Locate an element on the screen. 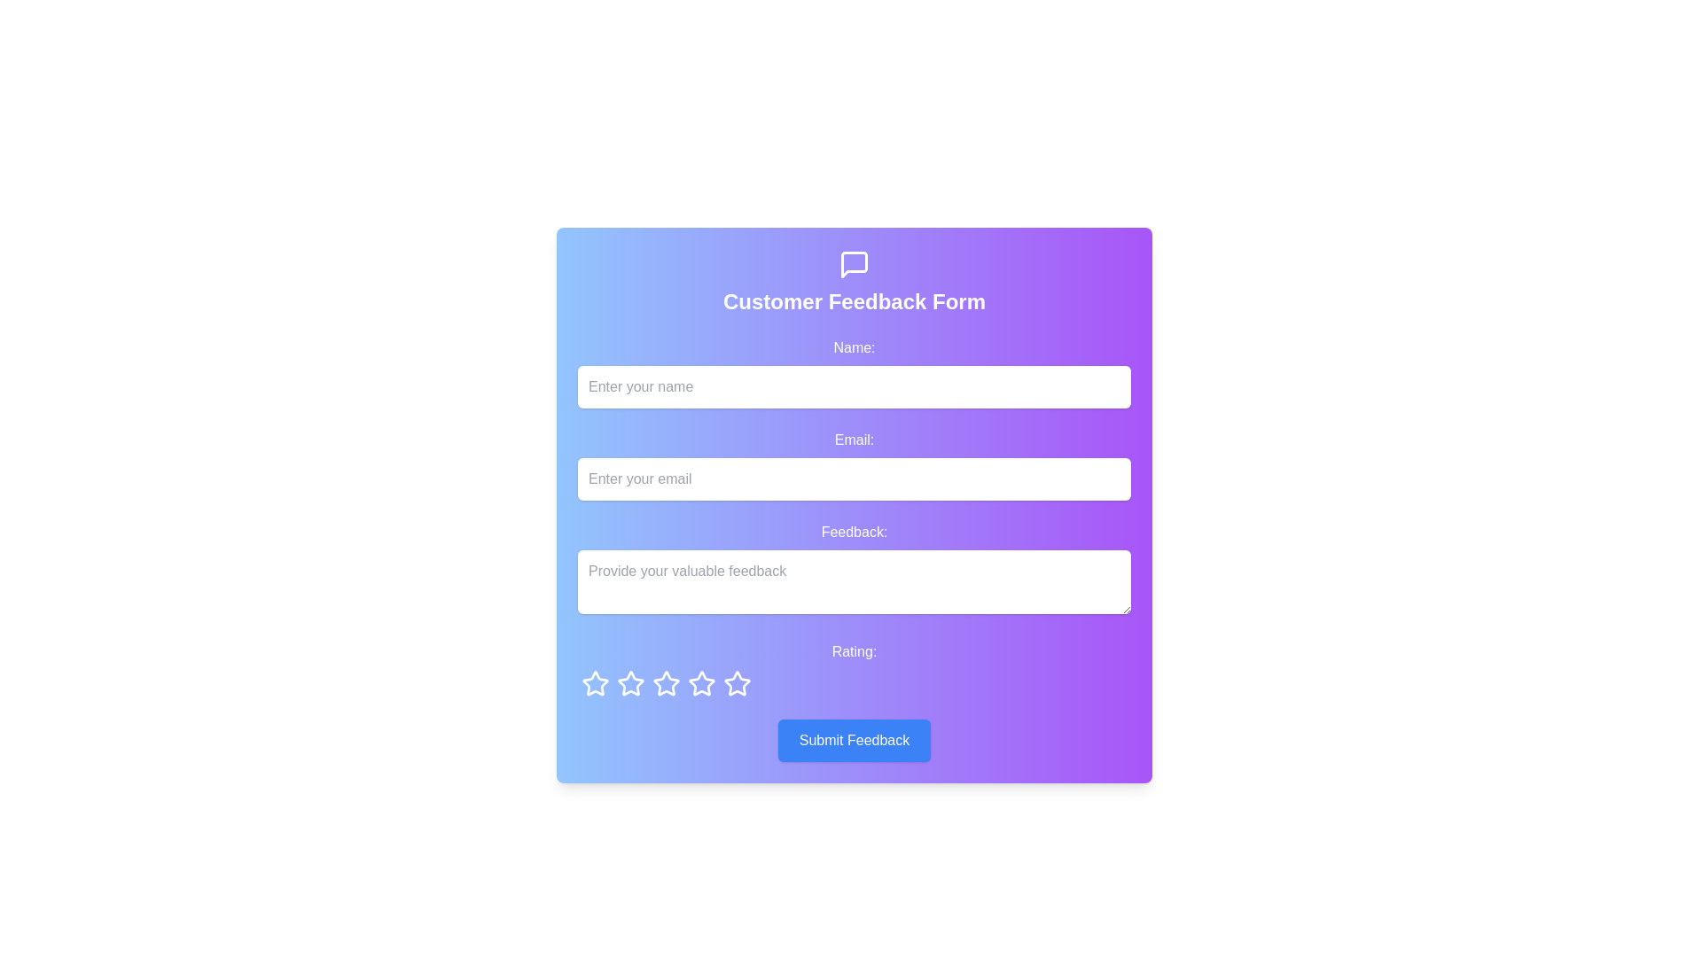 Image resolution: width=1702 pixels, height=957 pixels. the submit button located at the bottom of the form is located at coordinates (855, 741).